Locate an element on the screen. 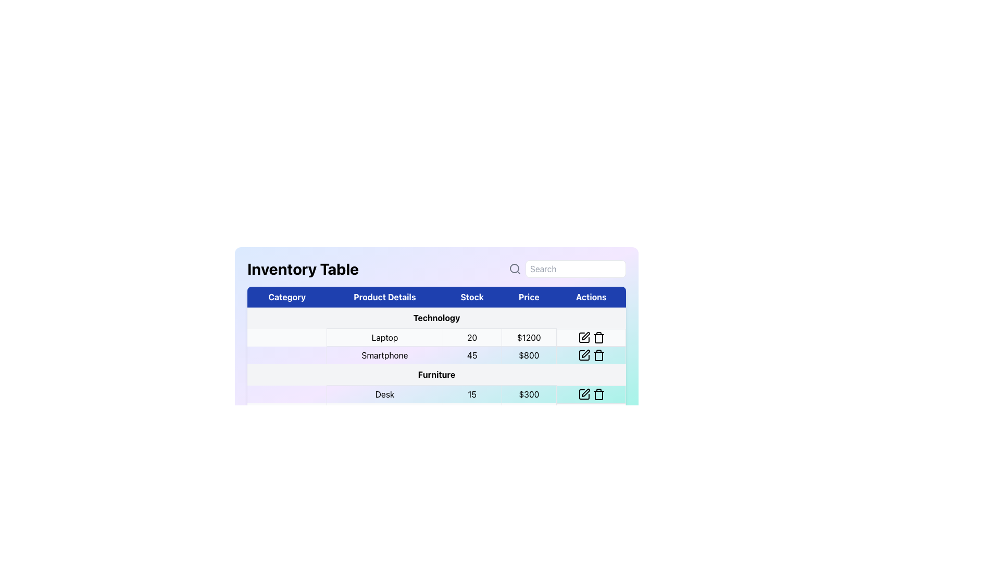 Image resolution: width=1000 pixels, height=562 pixels. the edit tool button located in the 'Actions' column of the second row under the 'Technology' category to initiate editing is located at coordinates (584, 354).